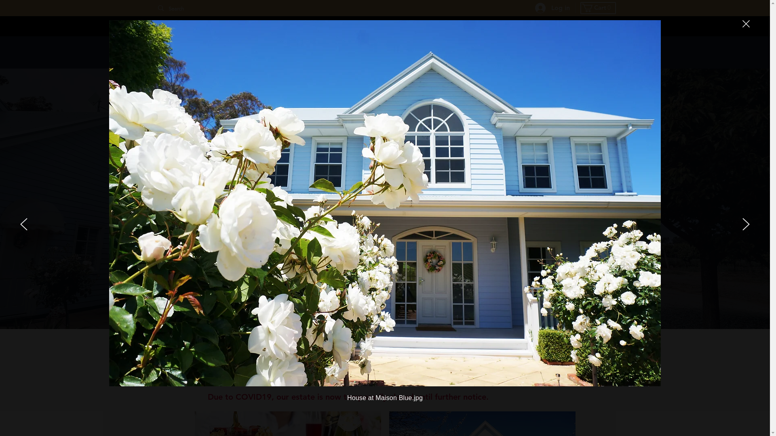 Image resolution: width=776 pixels, height=436 pixels. What do you see at coordinates (331, 52) in the screenshot?
I see `'HOME'` at bounding box center [331, 52].